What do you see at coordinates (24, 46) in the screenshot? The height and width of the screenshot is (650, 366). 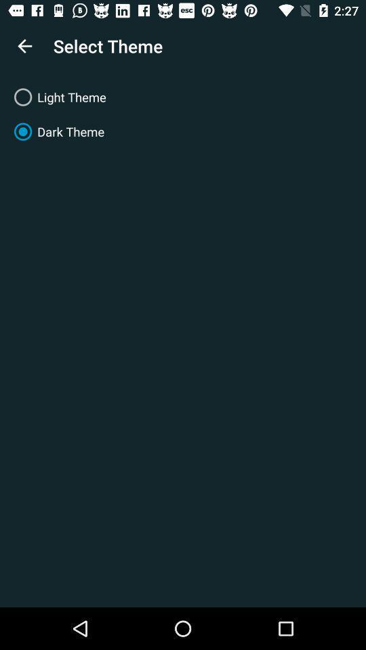 I see `the icon next to select theme item` at bounding box center [24, 46].